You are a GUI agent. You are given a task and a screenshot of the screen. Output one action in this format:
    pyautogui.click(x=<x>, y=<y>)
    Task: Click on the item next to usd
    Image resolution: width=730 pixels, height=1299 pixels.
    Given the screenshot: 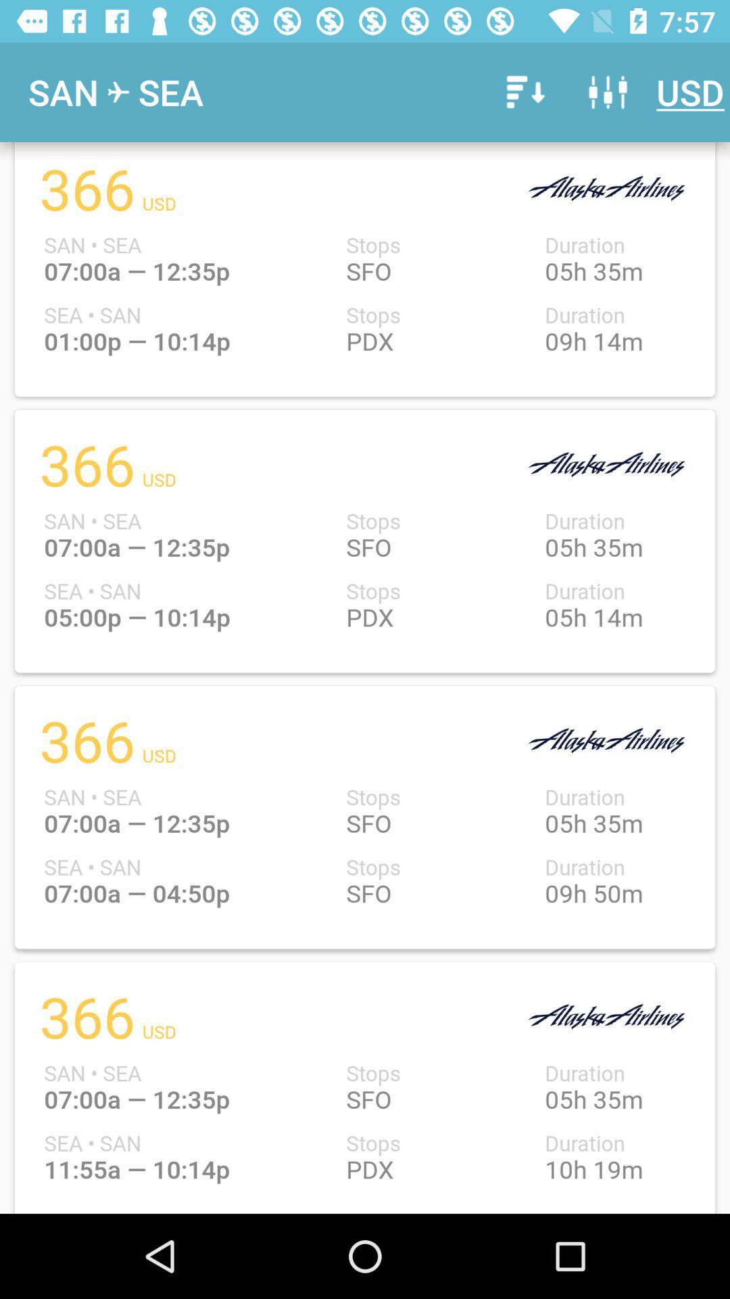 What is the action you would take?
    pyautogui.click(x=607, y=91)
    